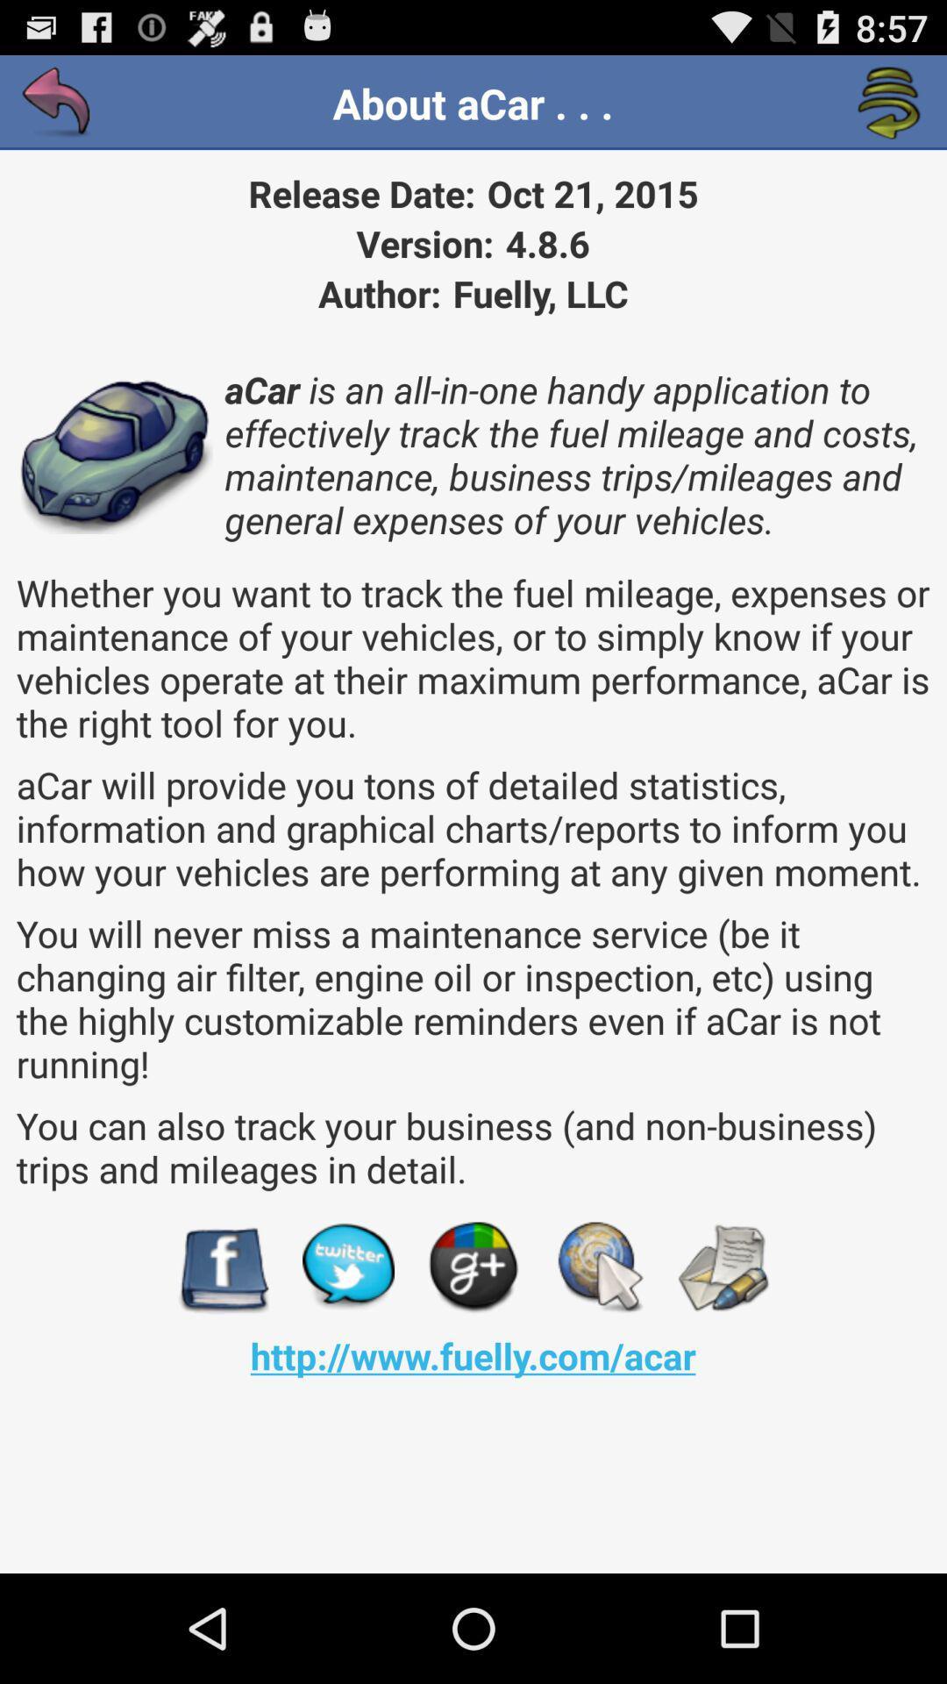  I want to click on visit facebook page, so click(222, 1267).